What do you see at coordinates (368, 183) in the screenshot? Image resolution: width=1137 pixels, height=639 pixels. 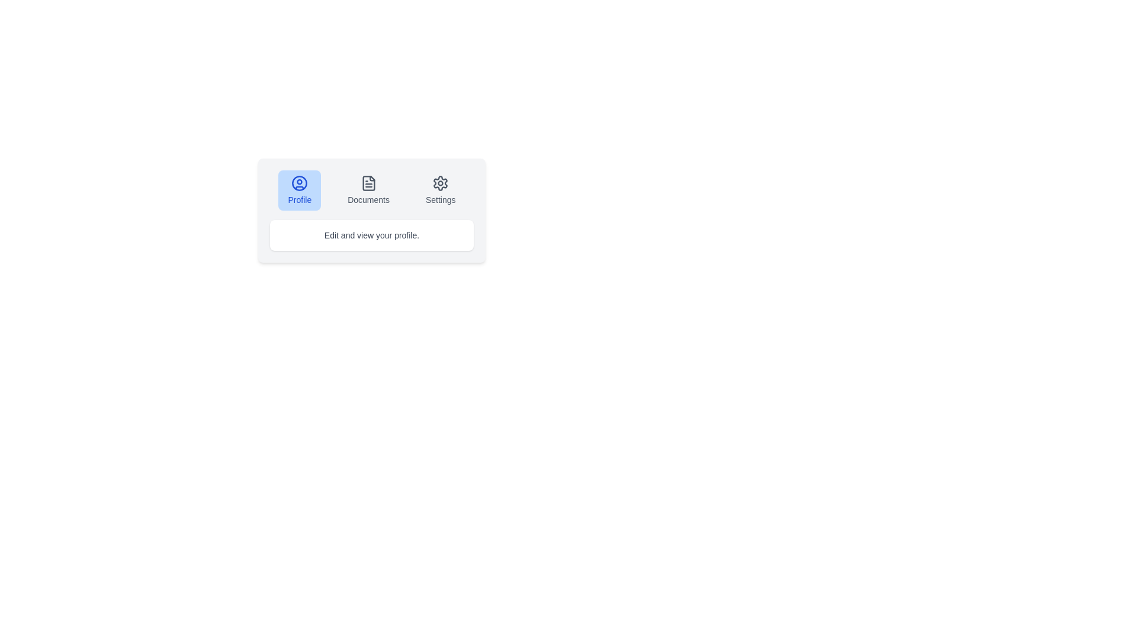 I see `the document-shaped icon with a fold on the top-right corner located in the second slot of three icons in the top section of the menu interface` at bounding box center [368, 183].